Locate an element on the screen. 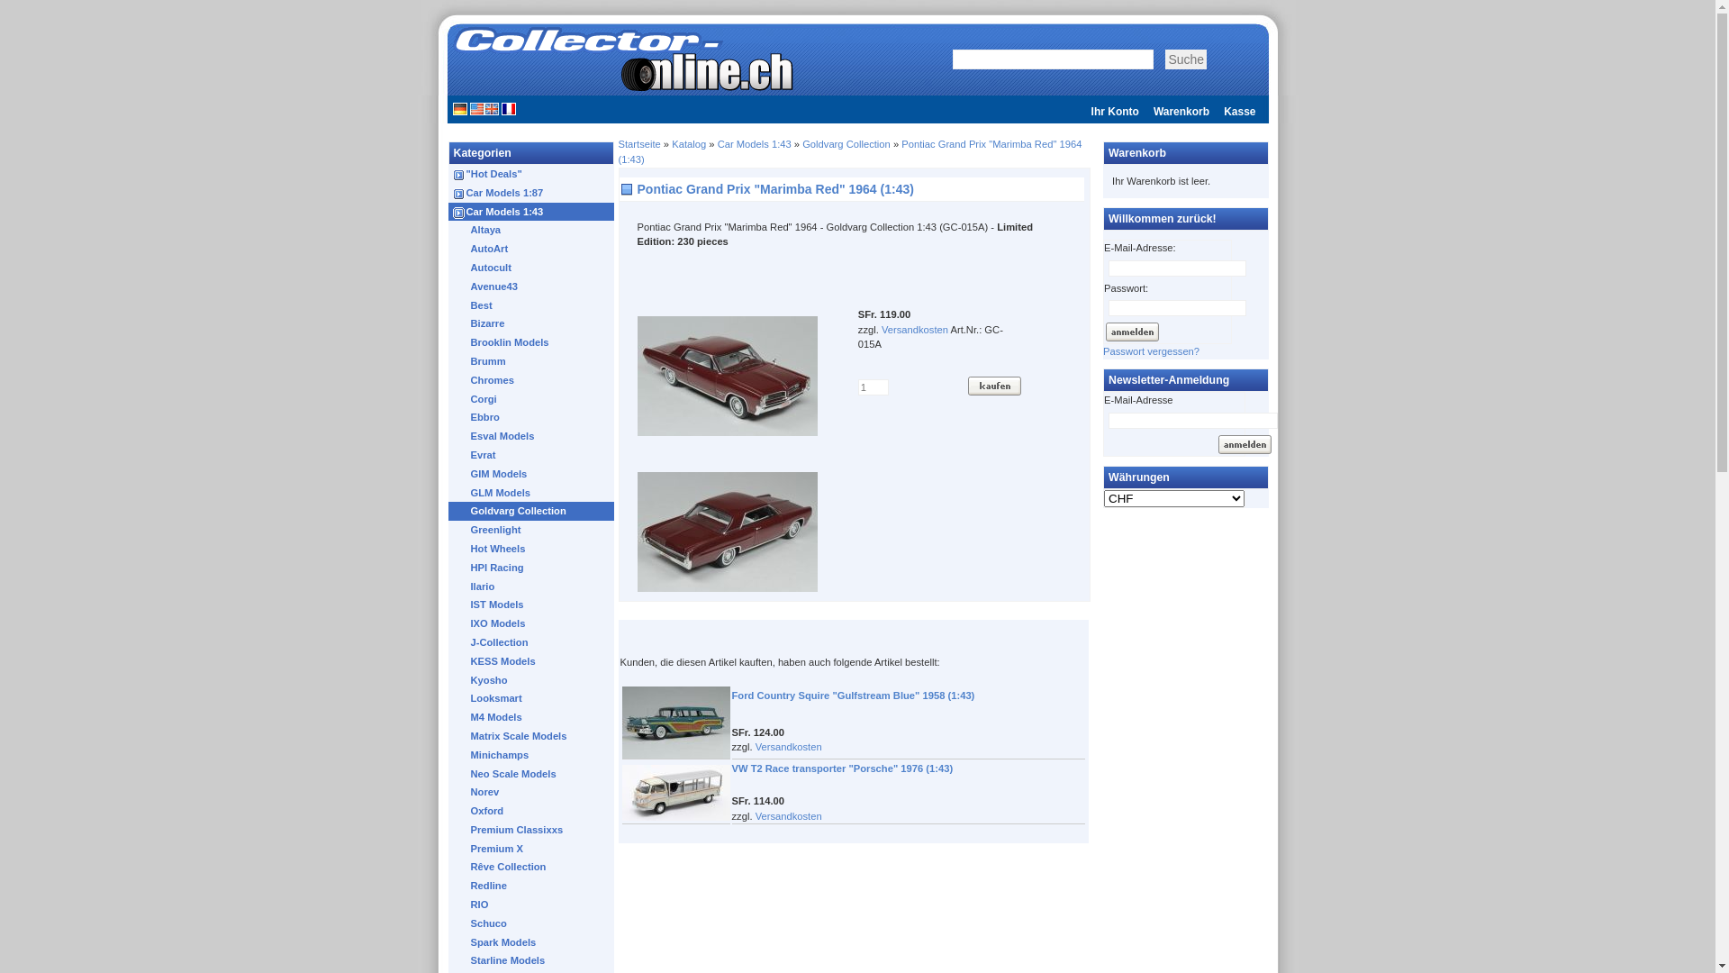  'J-Collection' is located at coordinates (448, 641).